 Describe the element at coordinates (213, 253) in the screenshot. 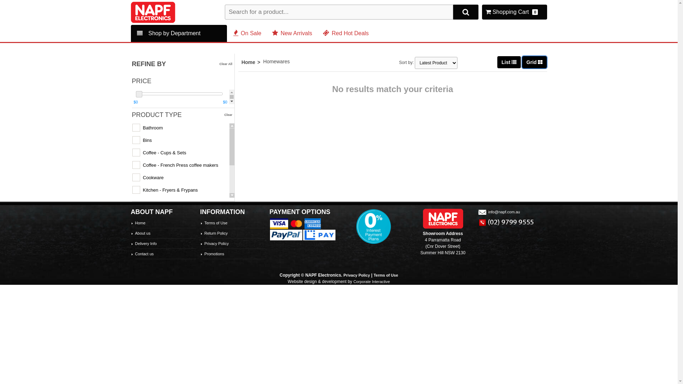

I see `'Promotions'` at that location.